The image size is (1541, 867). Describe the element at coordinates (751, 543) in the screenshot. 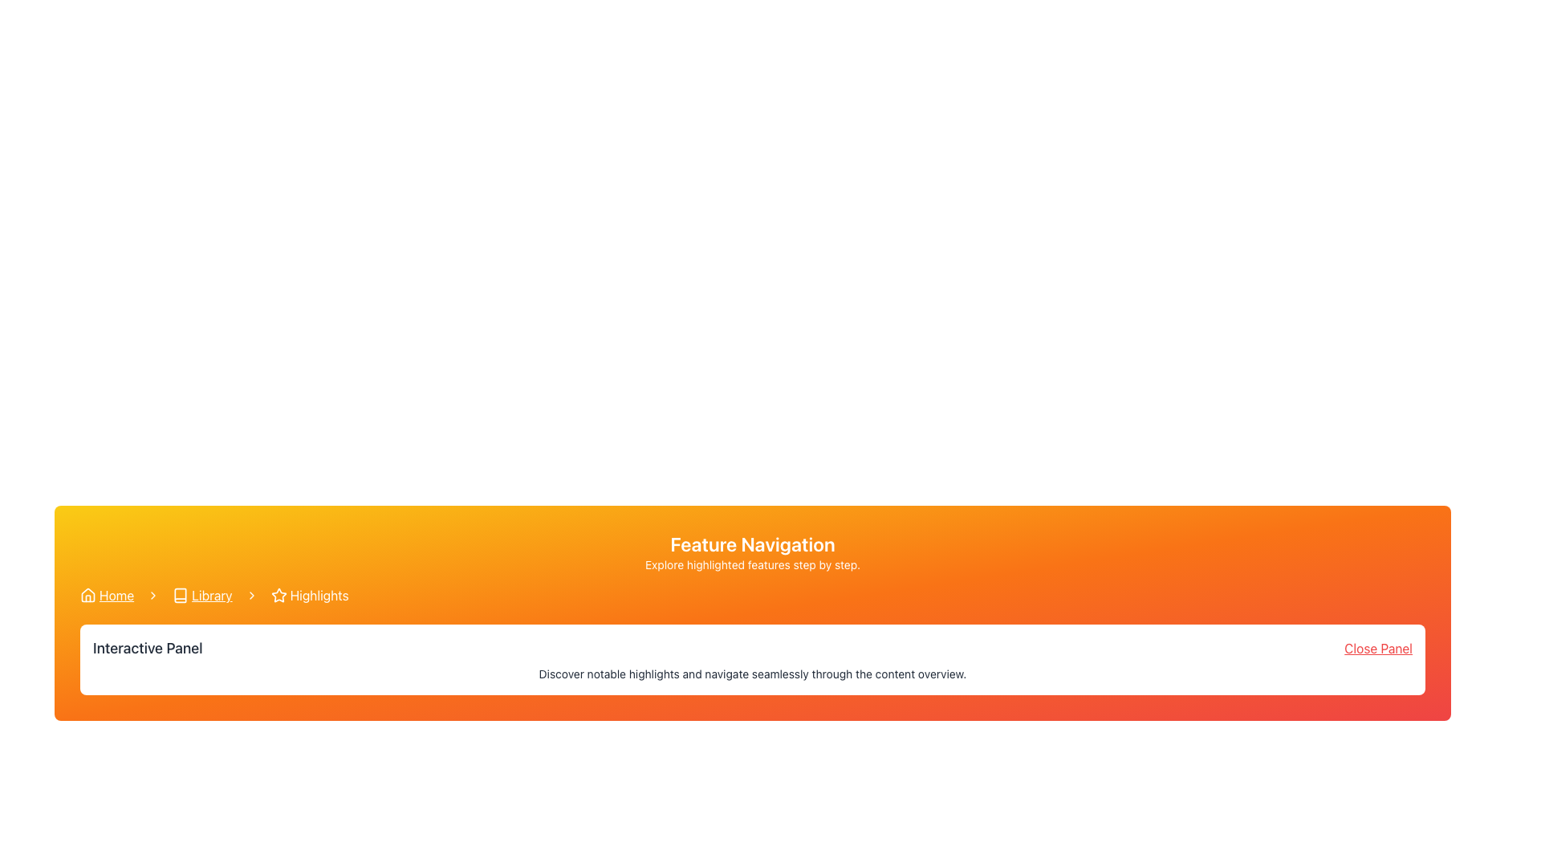

I see `the Text (Header) element which serves as the title for the section above 'Explore highlighted features step by step.'` at that location.